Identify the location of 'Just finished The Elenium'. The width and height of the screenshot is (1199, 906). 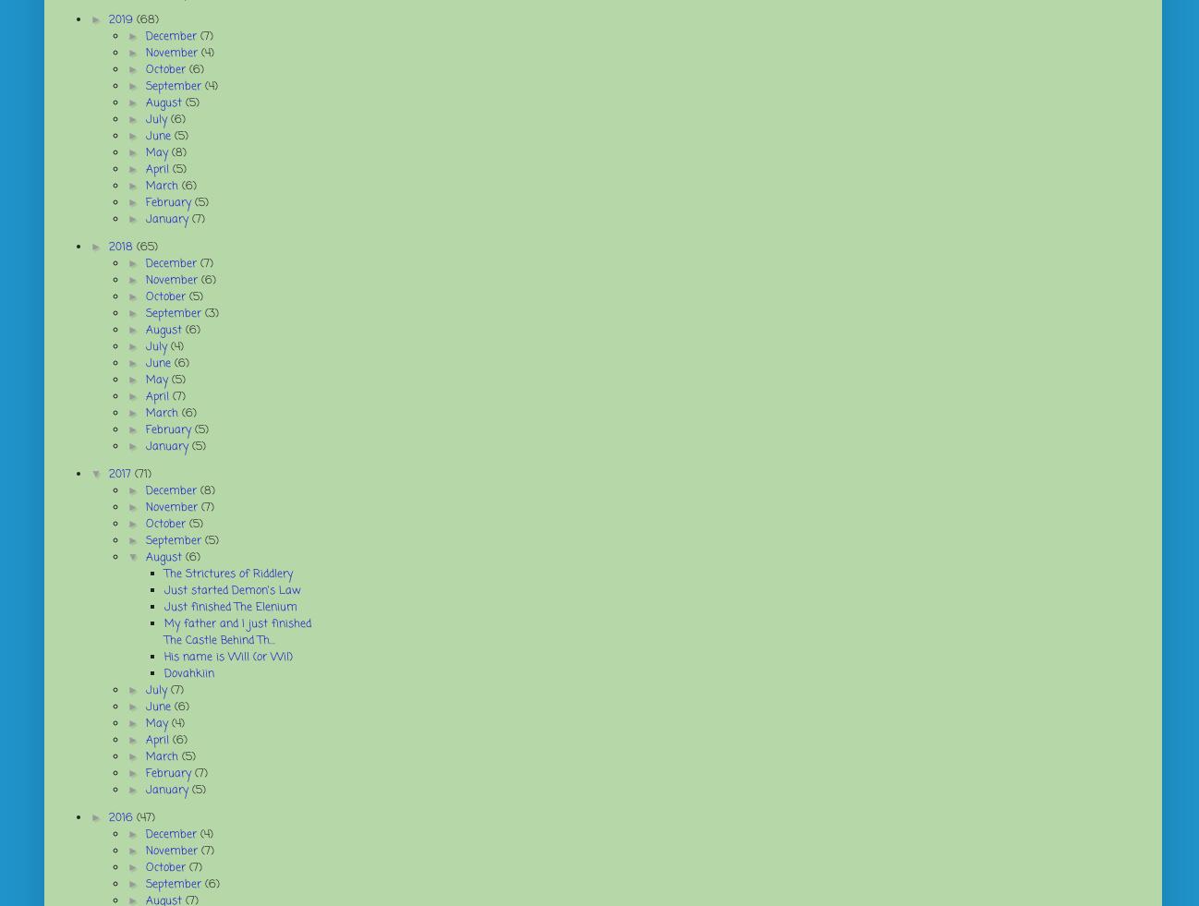
(163, 607).